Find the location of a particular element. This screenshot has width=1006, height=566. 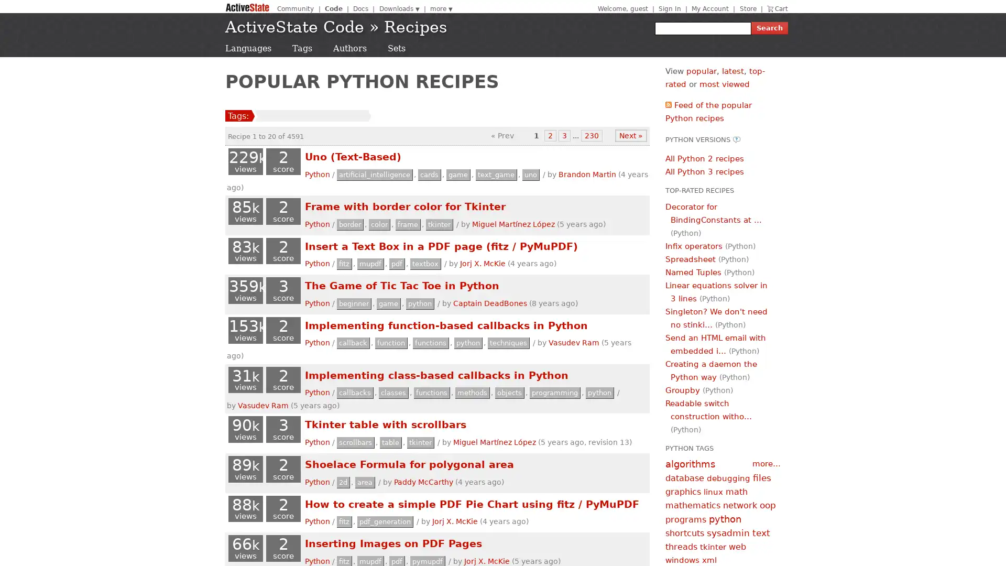

Search is located at coordinates (769, 28).